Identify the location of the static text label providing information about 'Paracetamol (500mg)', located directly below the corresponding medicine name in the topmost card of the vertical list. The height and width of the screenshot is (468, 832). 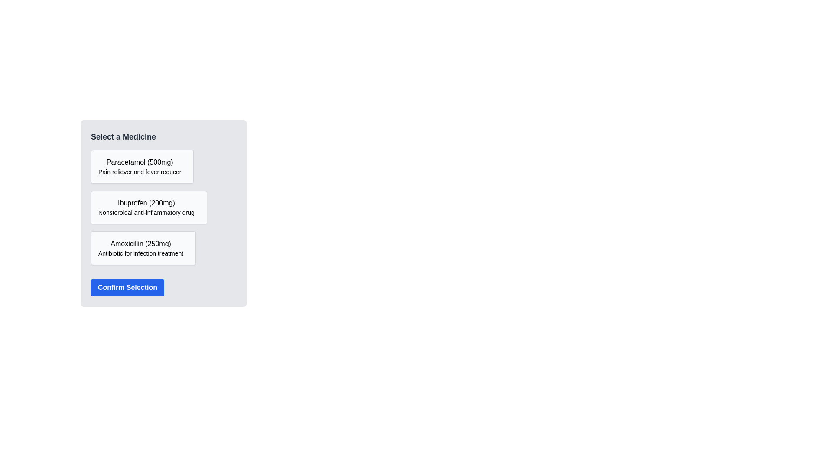
(140, 172).